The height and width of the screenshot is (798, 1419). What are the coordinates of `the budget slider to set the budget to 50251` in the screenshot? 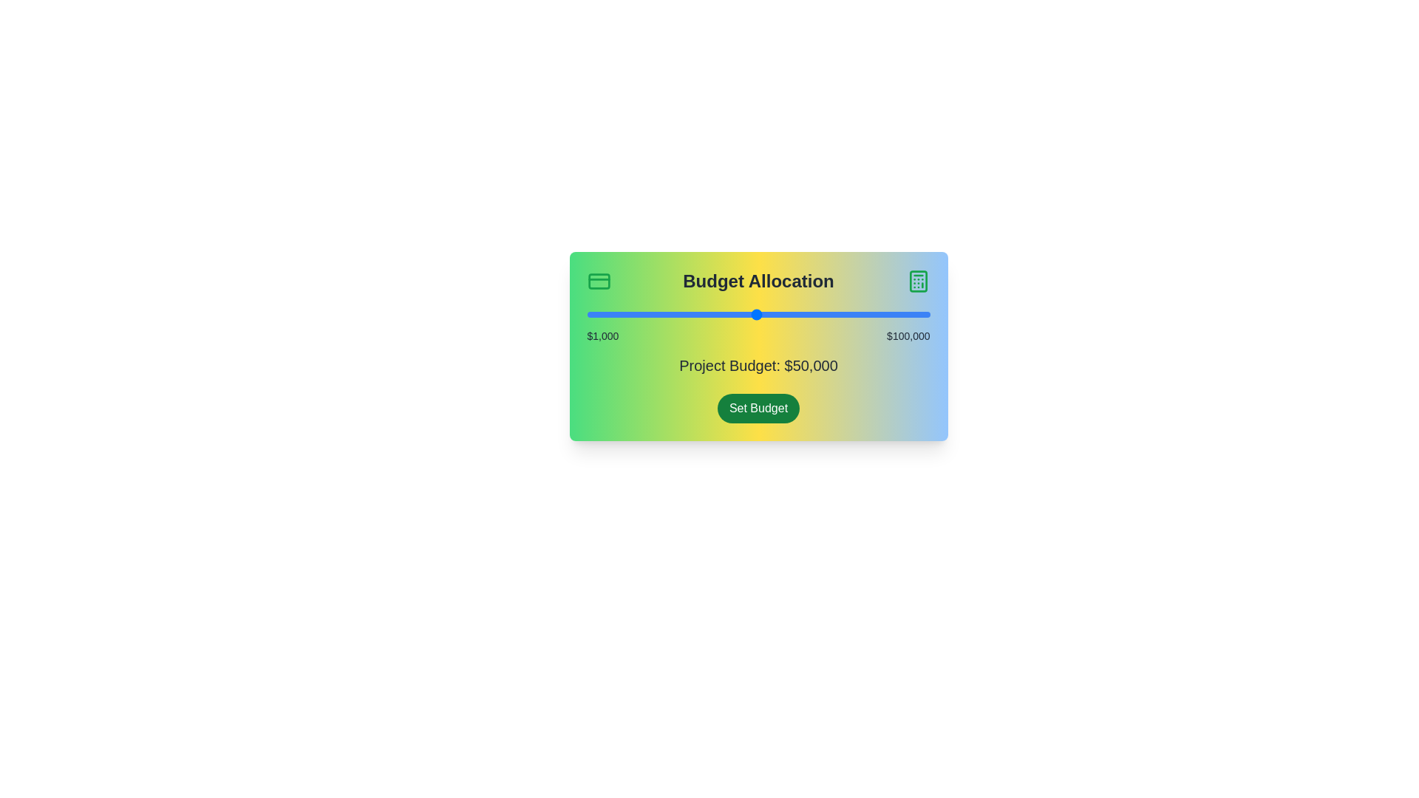 It's located at (758, 313).